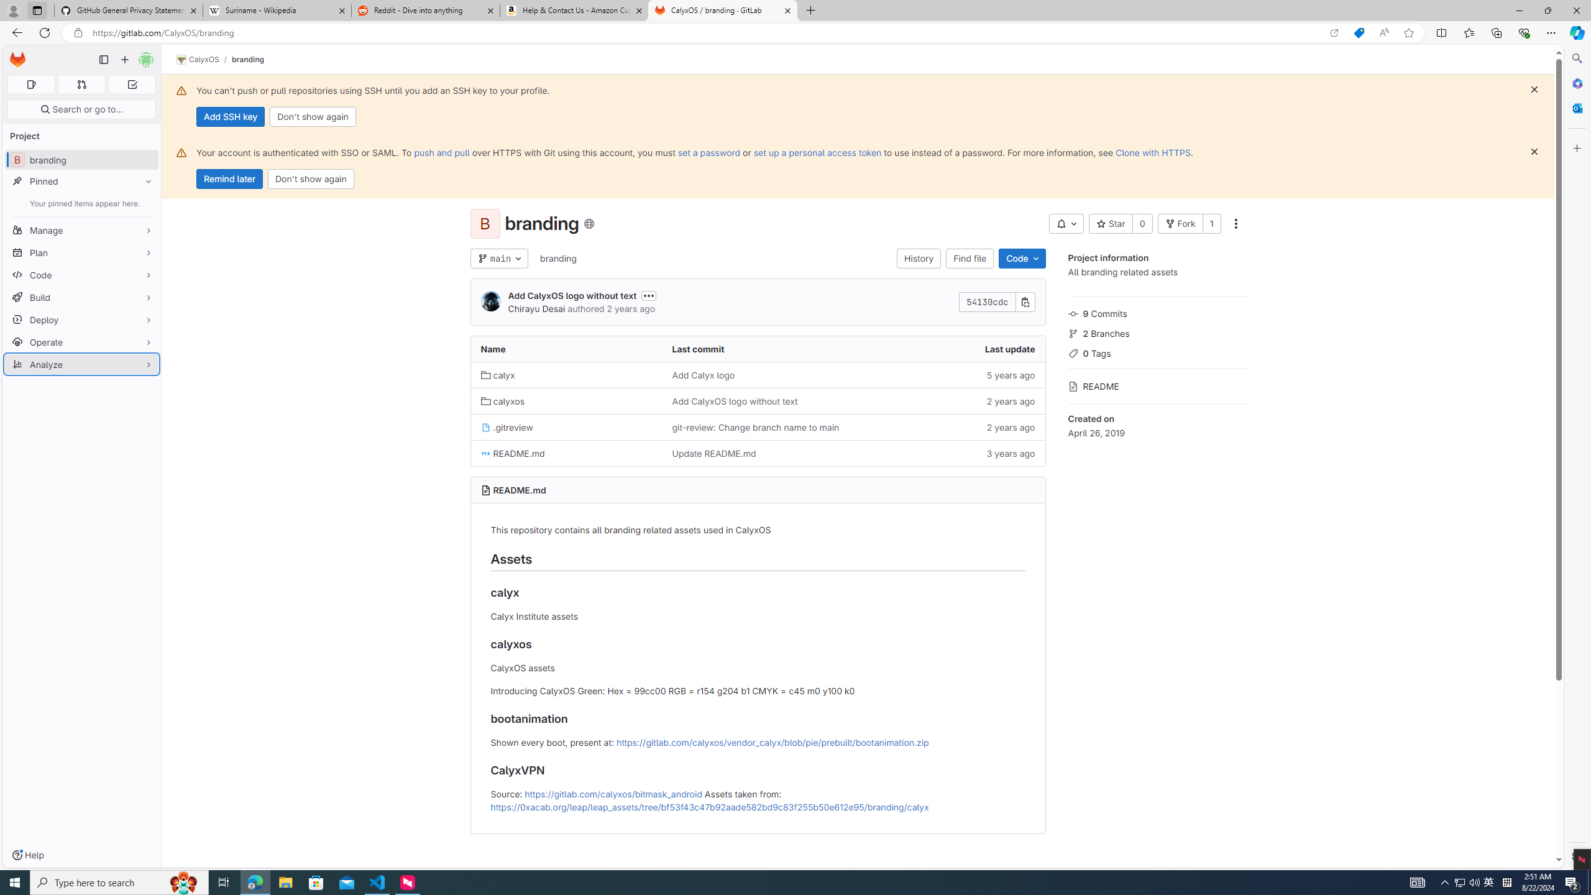 The width and height of the screenshot is (1591, 895). I want to click on 'GitHub General Privacy Statement - GitHub Docs', so click(129, 10).